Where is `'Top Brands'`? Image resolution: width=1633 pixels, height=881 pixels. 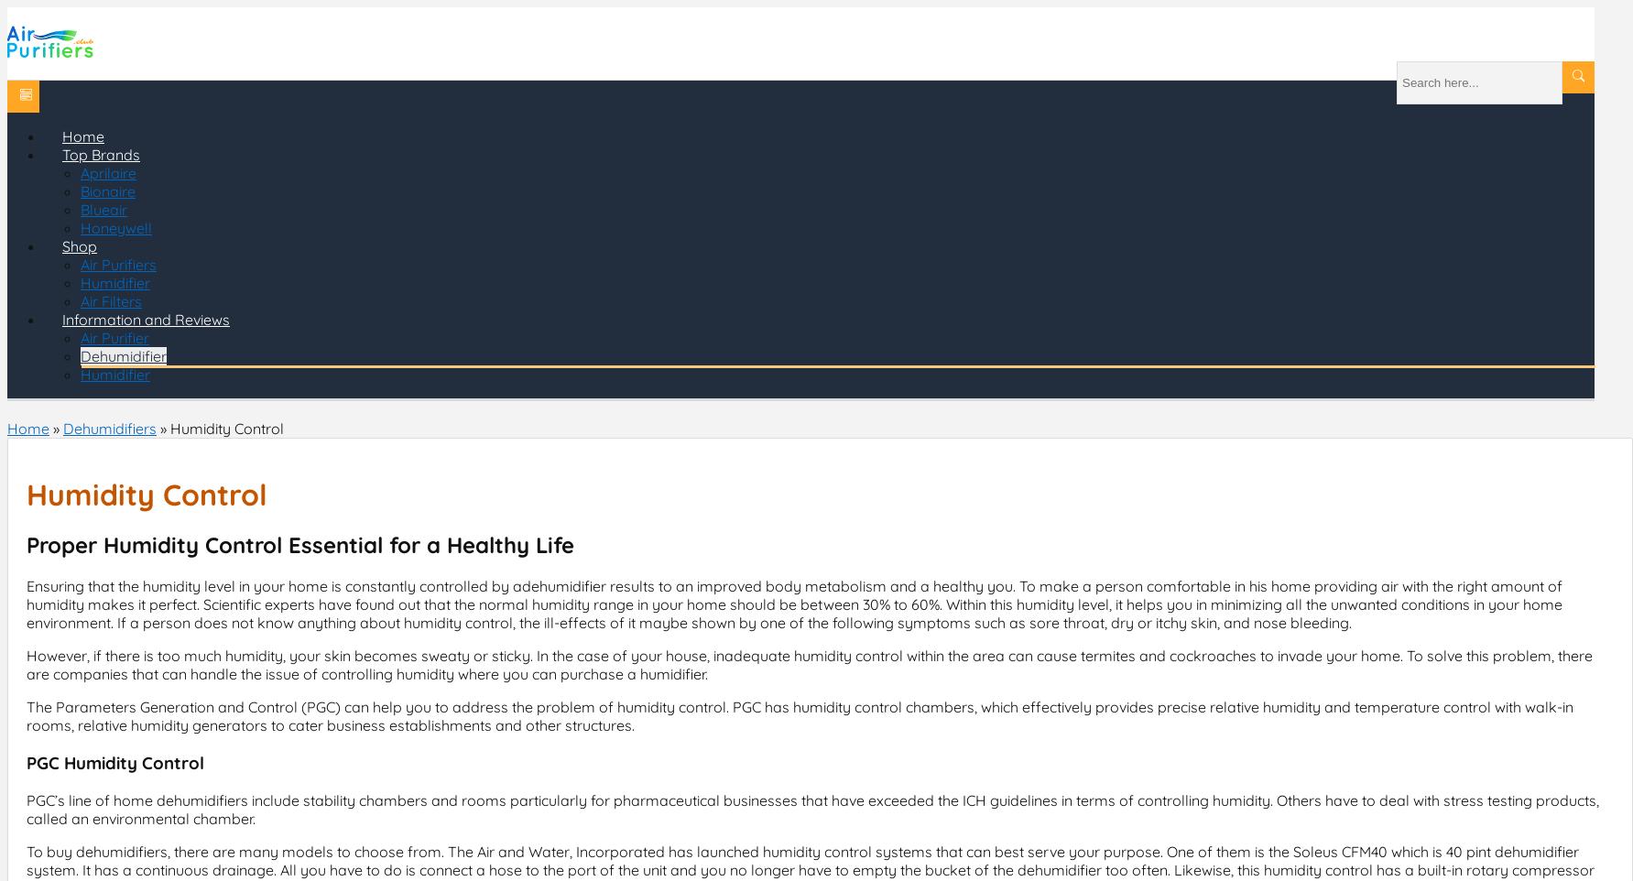 'Top Brands' is located at coordinates (100, 155).